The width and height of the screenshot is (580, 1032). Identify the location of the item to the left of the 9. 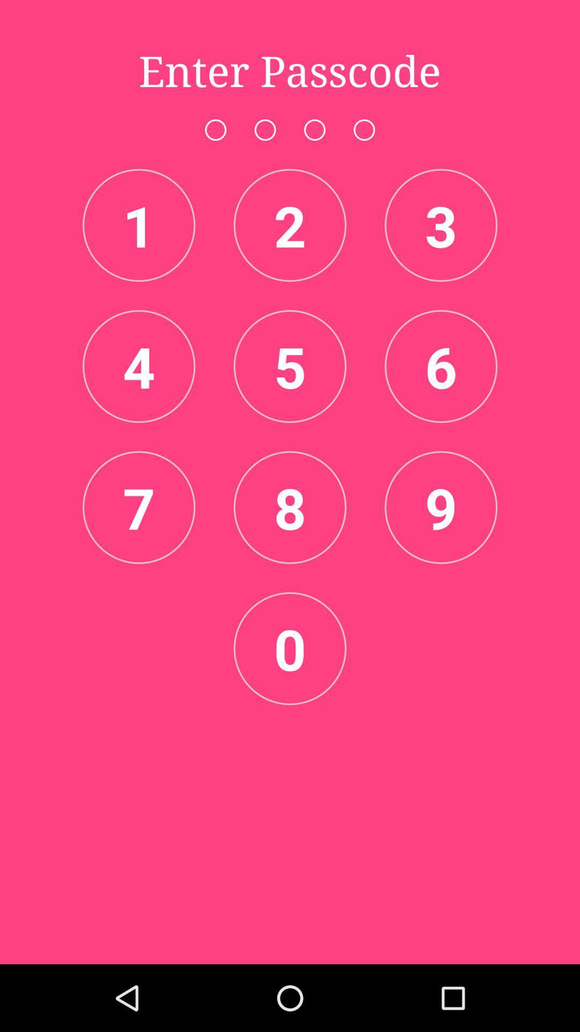
(290, 507).